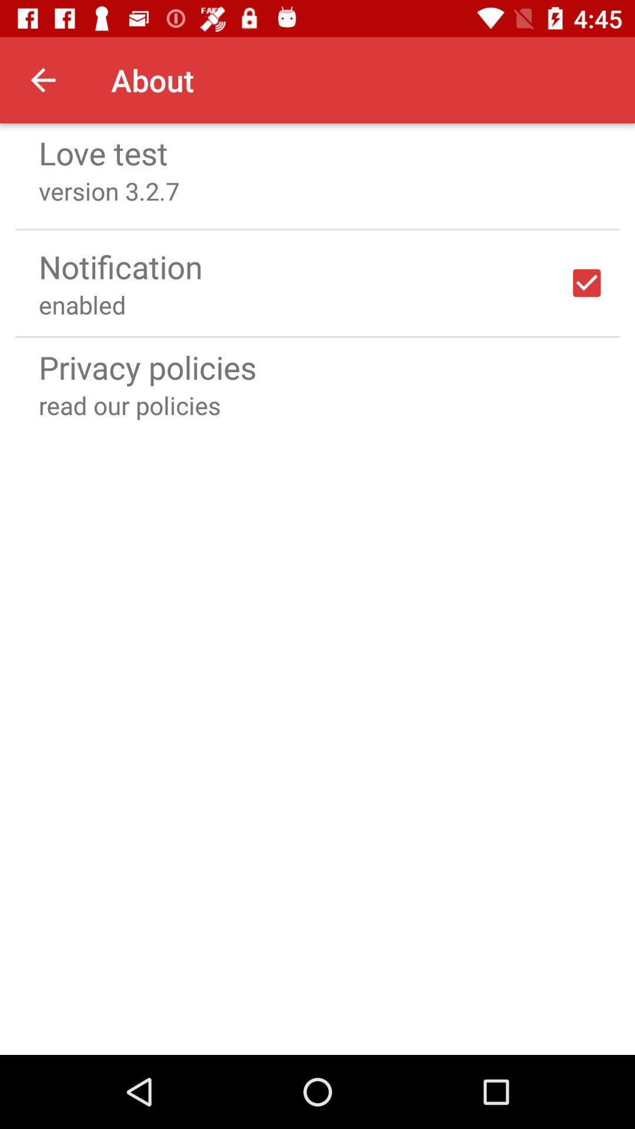 The image size is (635, 1129). I want to click on item below the version 3 2, so click(317, 229).